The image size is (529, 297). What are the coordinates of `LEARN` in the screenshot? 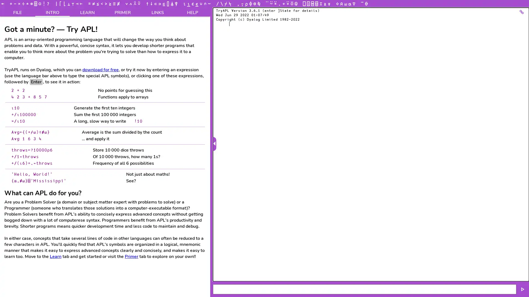 It's located at (87, 12).